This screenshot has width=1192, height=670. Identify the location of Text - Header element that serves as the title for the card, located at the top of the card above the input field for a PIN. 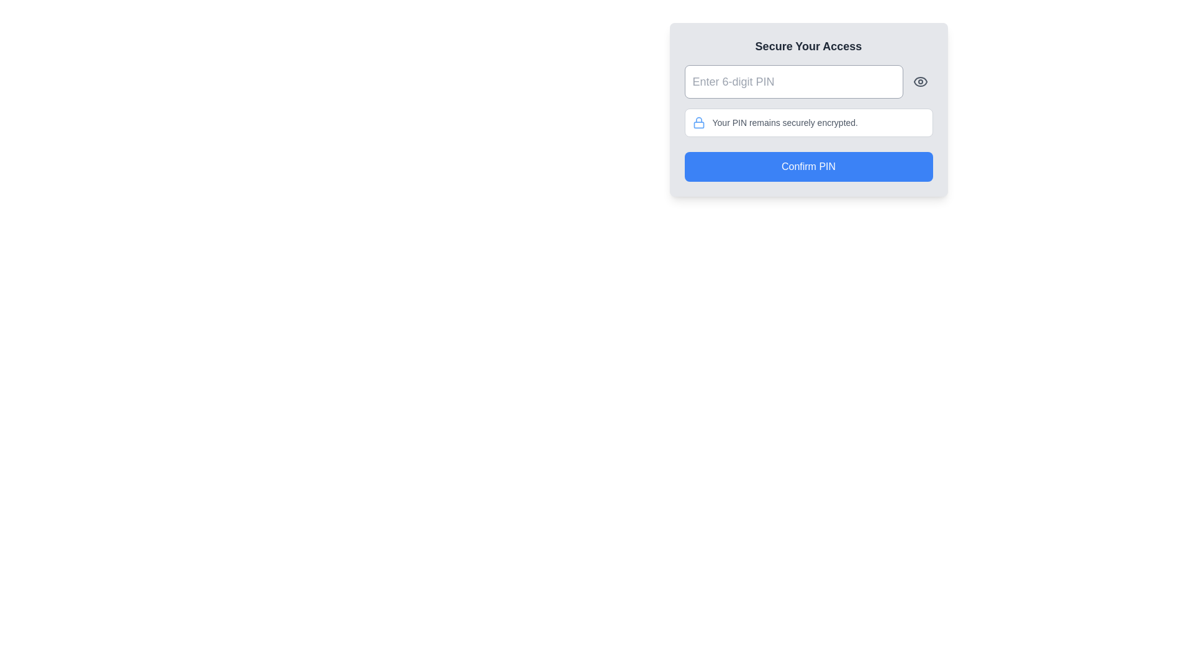
(808, 45).